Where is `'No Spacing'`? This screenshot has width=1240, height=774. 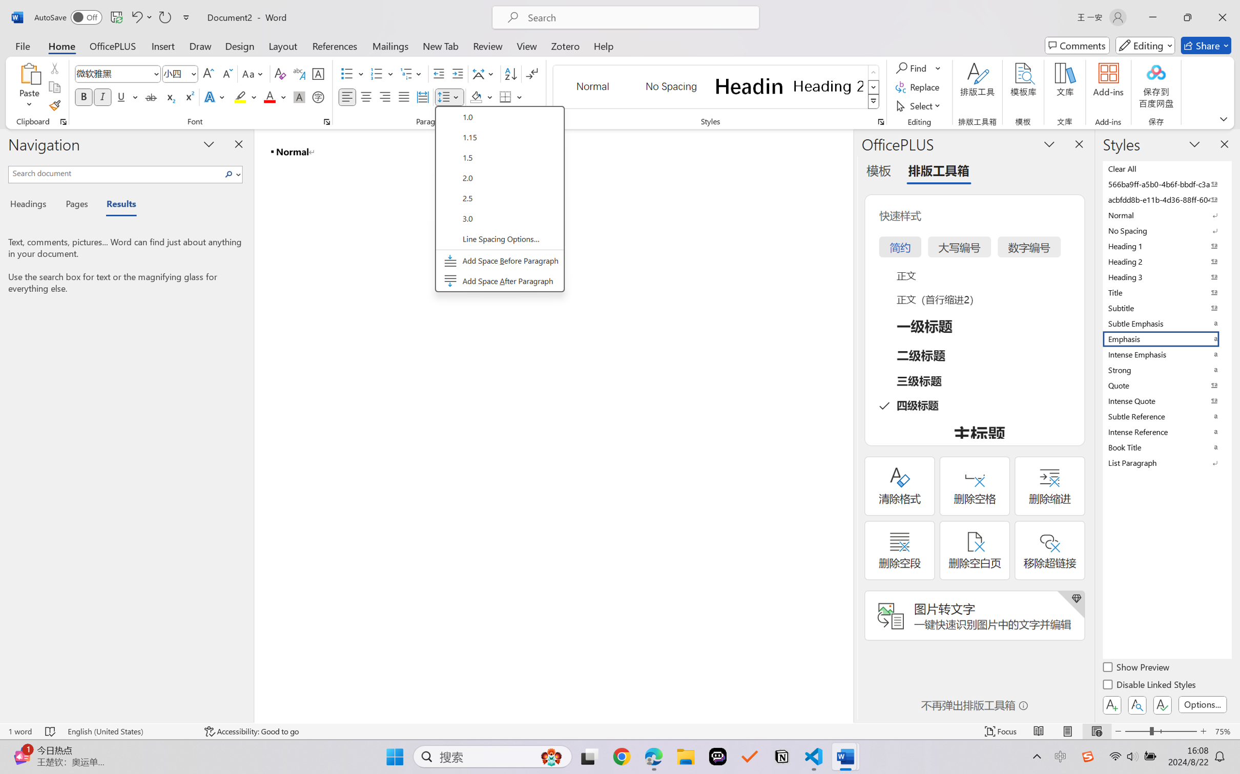
'No Spacing' is located at coordinates (1166, 230).